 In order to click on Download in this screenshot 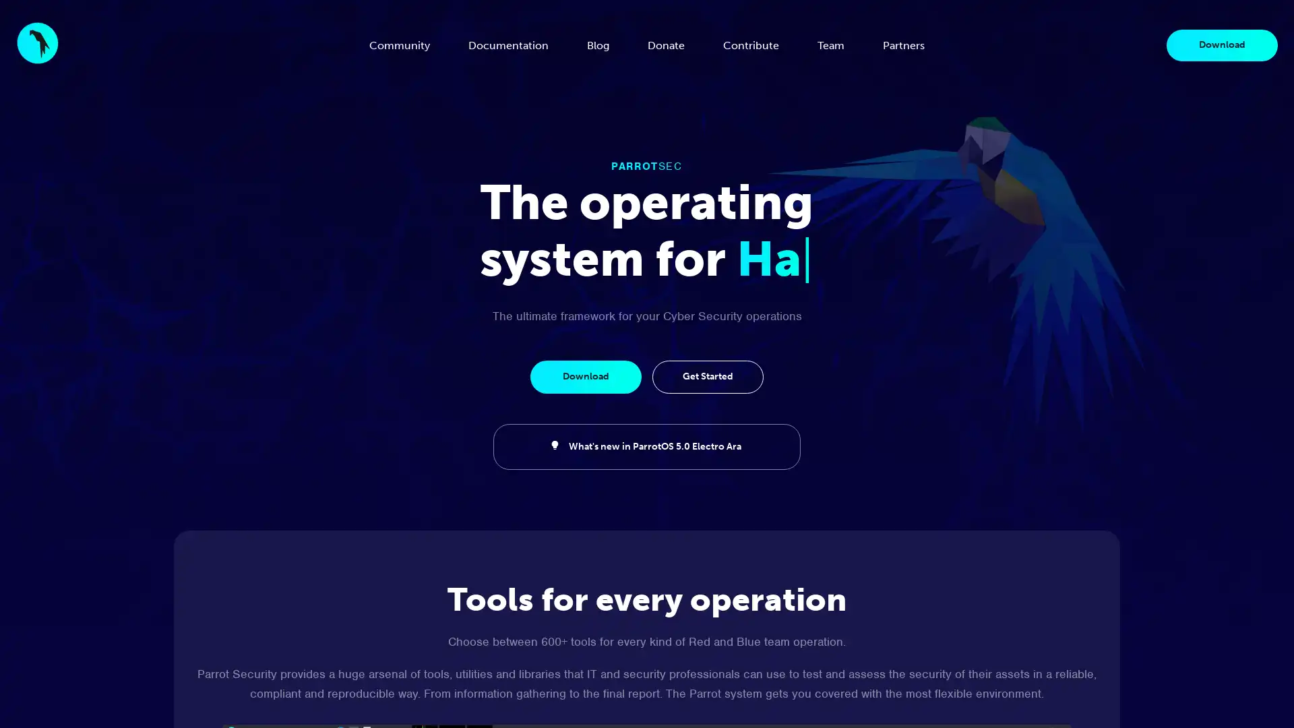, I will do `click(1222, 44)`.